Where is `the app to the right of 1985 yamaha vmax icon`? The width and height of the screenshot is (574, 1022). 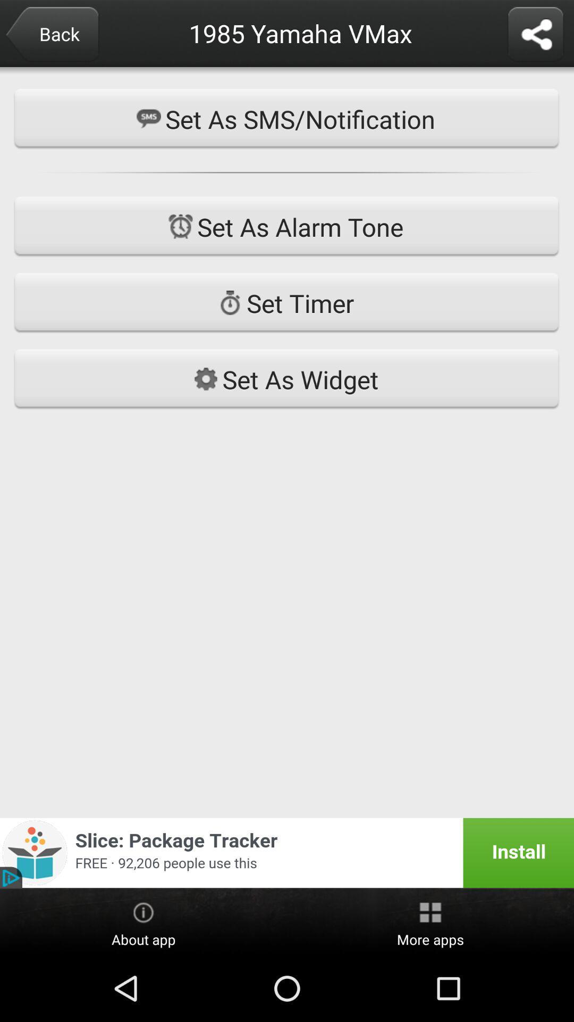
the app to the right of 1985 yamaha vmax icon is located at coordinates (535, 35).